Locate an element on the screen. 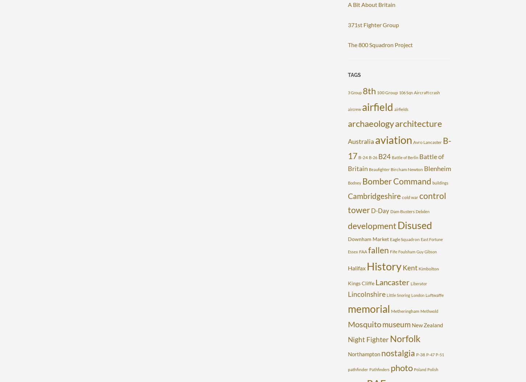 The image size is (526, 382). 'Debden' is located at coordinates (422, 211).